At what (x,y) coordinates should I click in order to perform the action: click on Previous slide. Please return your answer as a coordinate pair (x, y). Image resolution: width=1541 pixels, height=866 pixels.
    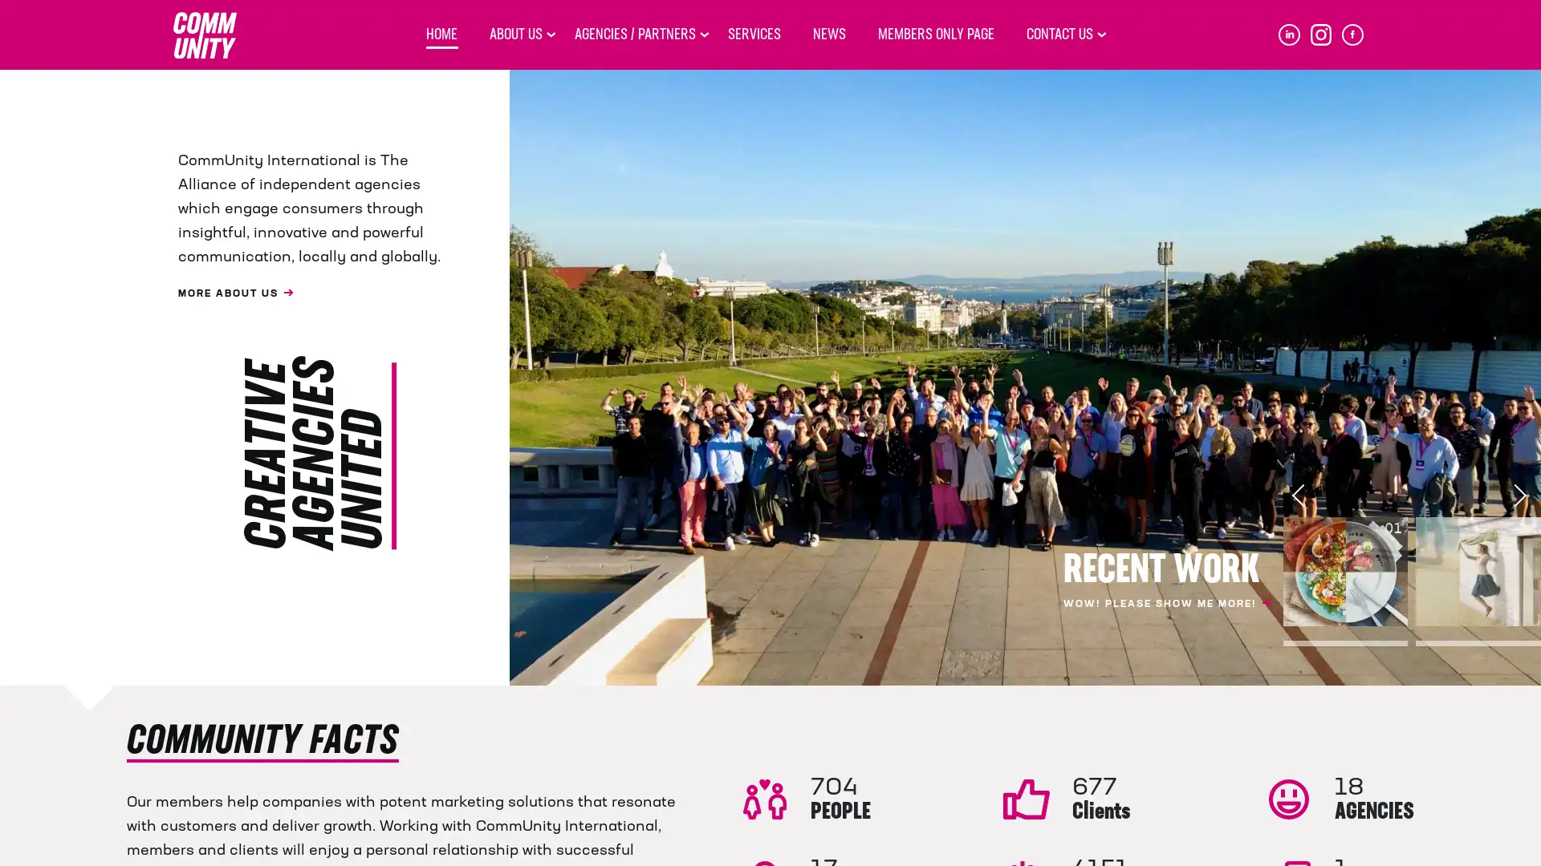
    Looking at the image, I should click on (1305, 503).